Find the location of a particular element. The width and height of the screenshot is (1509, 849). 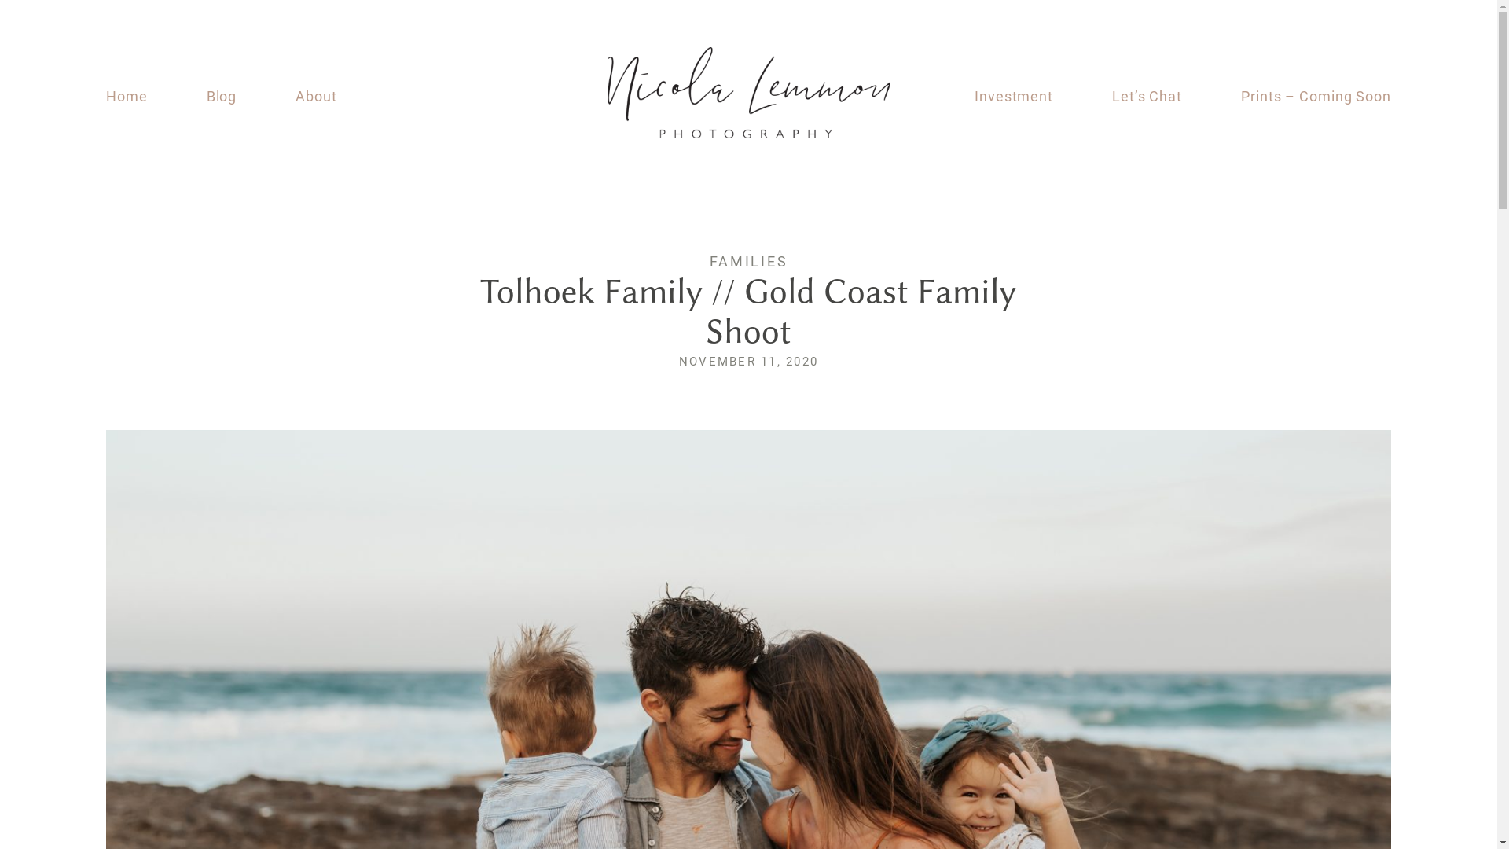

'Blog' is located at coordinates (221, 97).